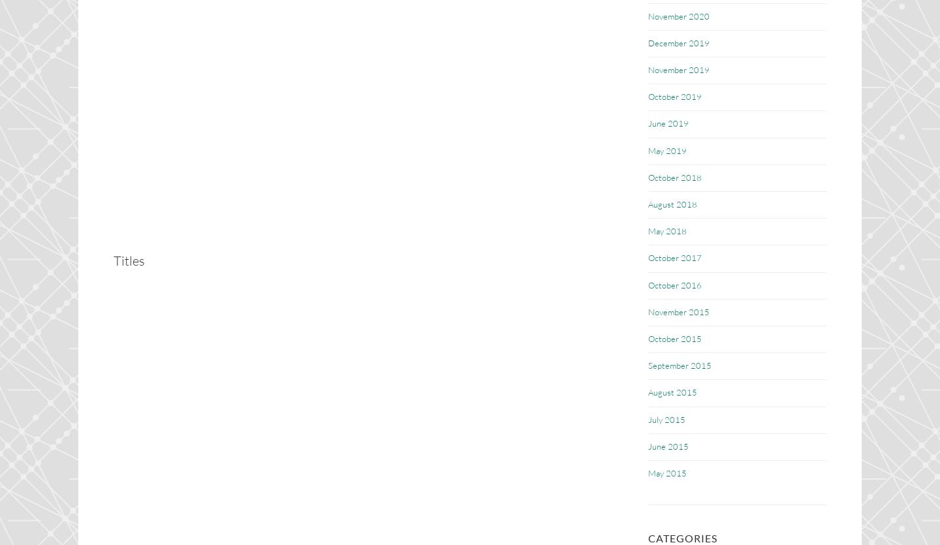  I want to click on 'November 2015', so click(678, 311).